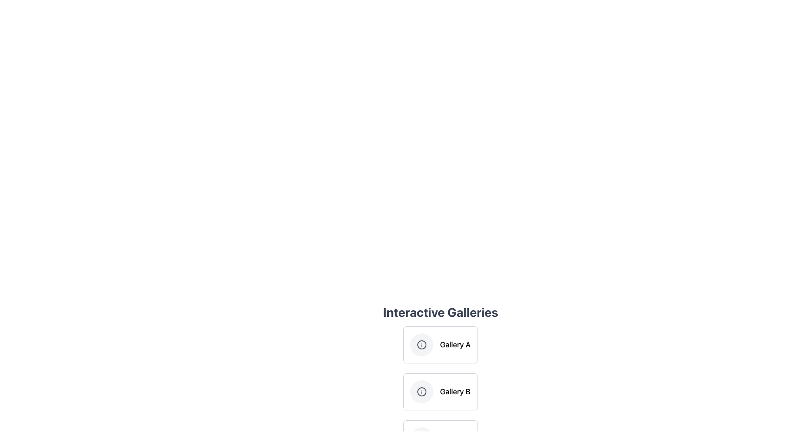 The width and height of the screenshot is (791, 445). I want to click on the circular information icon with a light gray background and dark gray border located in the second interactive gallery option 'Gallery B', positioned to the left of the title text 'Gallery B', so click(422, 391).